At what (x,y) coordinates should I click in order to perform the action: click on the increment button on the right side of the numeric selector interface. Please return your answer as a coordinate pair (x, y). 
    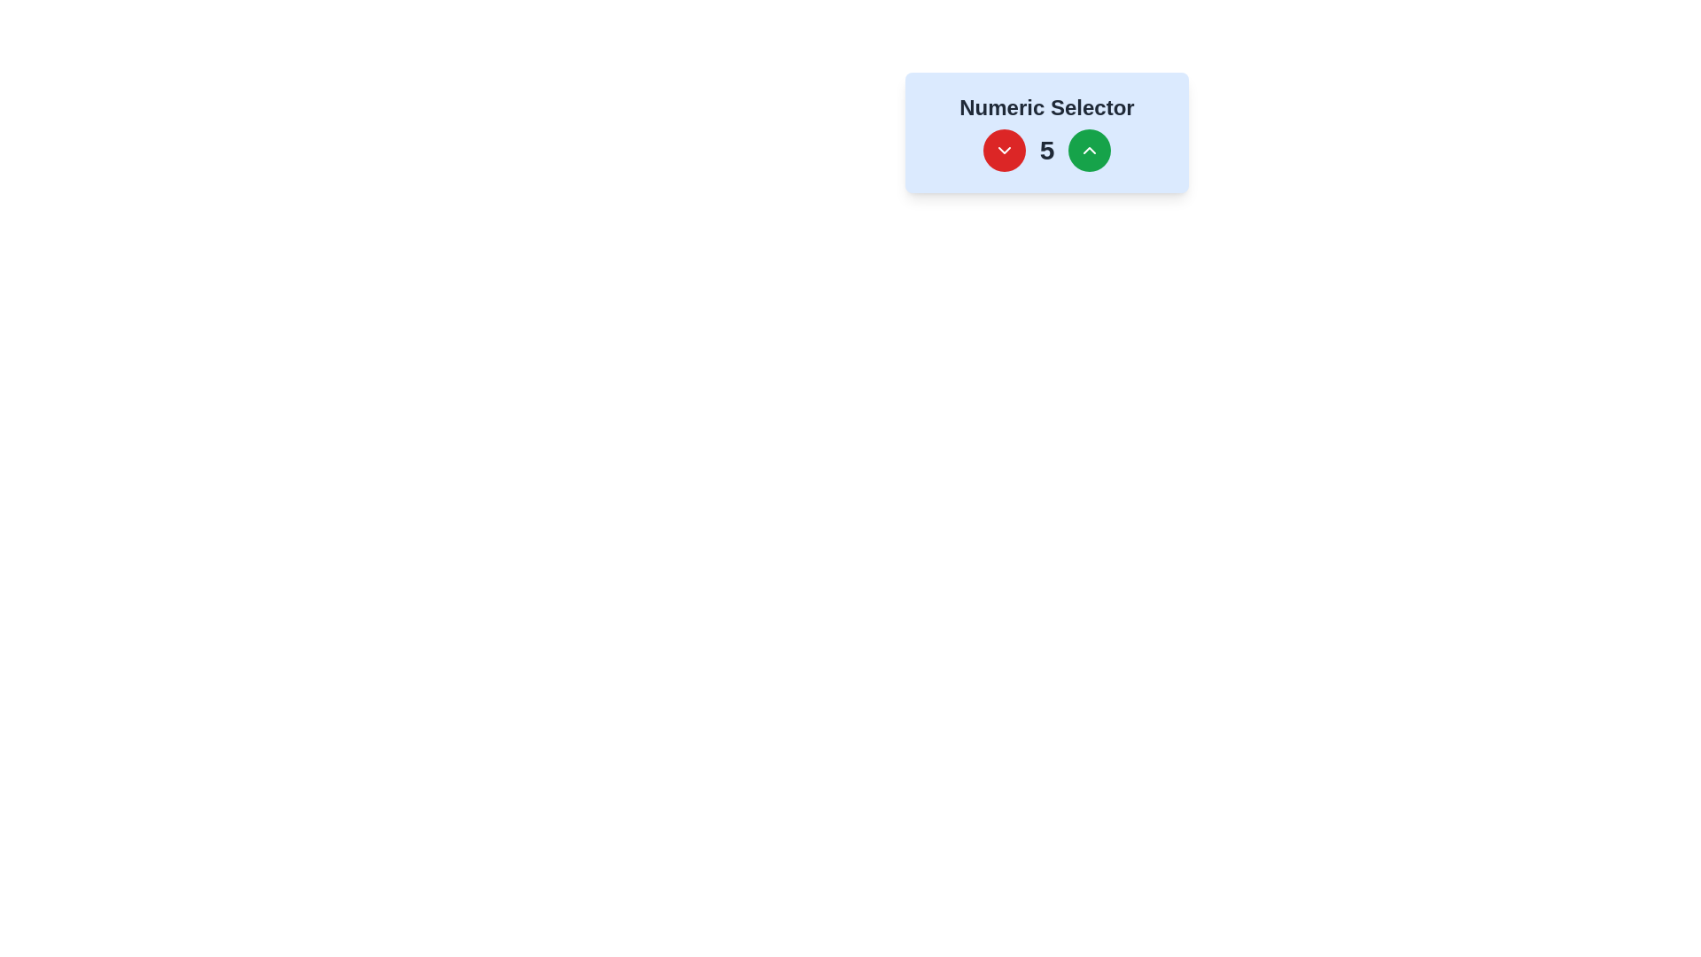
    Looking at the image, I should click on (1089, 149).